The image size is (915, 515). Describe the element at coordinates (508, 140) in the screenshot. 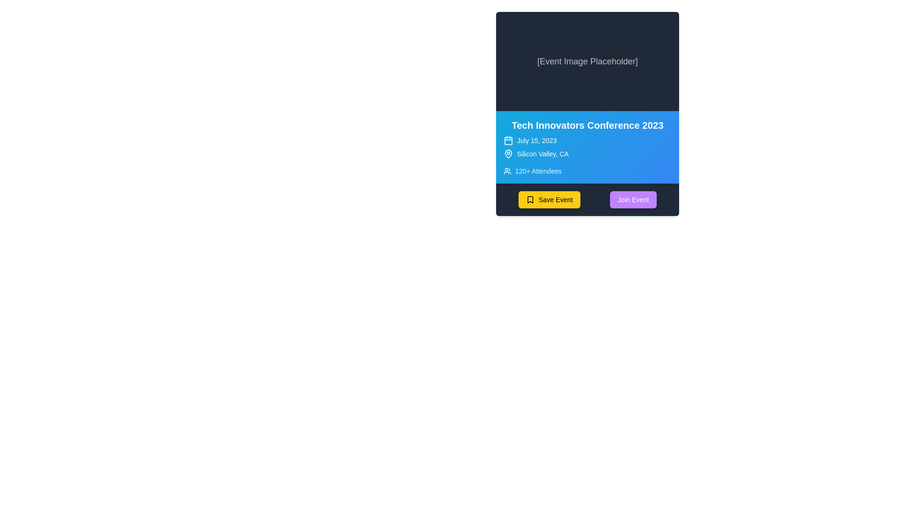

I see `the calendar icon, which is a white outline design with rounded corners, located to the left of the text 'July 15, 2023' in the event information panel` at that location.